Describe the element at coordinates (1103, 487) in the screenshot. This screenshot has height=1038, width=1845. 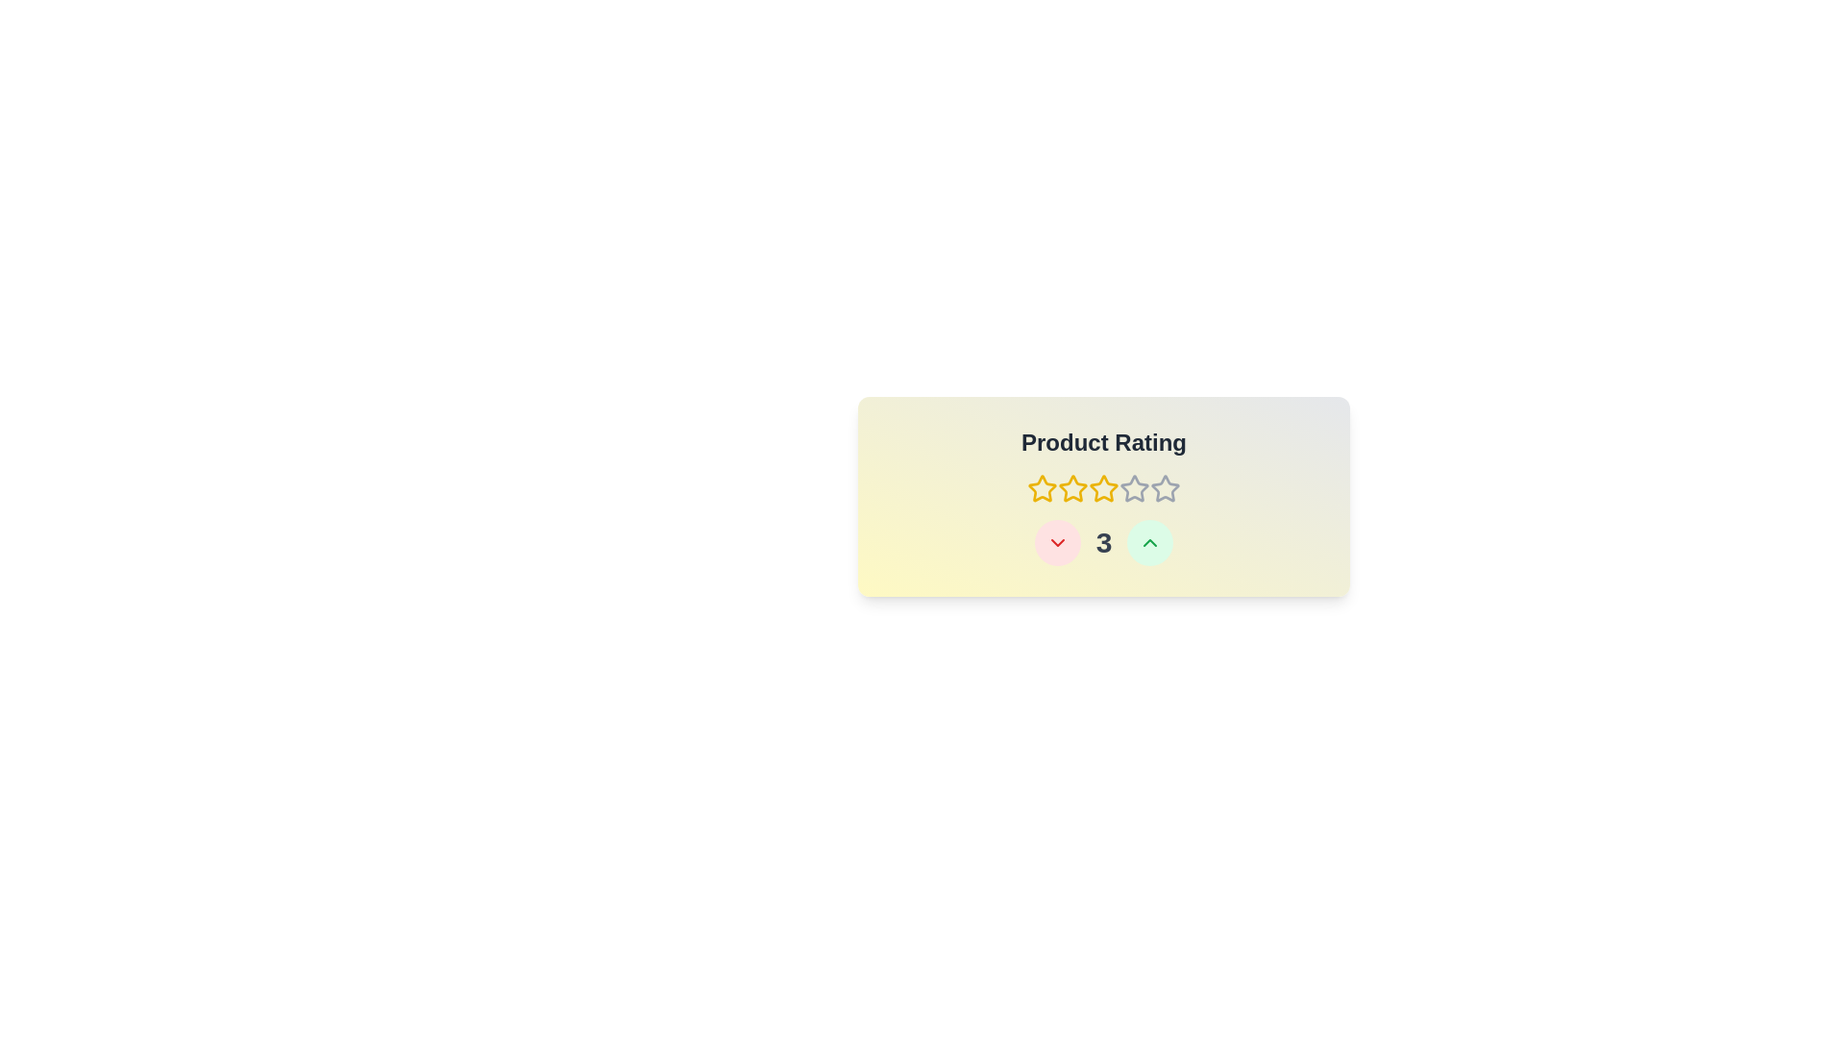
I see `the hollow star icon with a yellow outline, which is the second star in a row of five stars in the Product Rating component` at that location.